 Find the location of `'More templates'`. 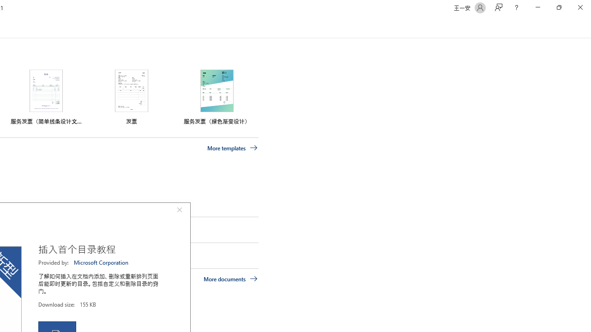

'More templates' is located at coordinates (232, 148).